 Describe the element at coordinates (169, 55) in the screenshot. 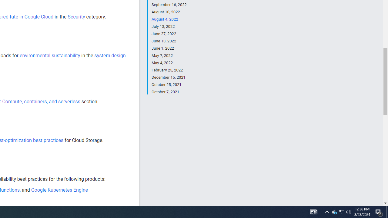

I see `'May 7, 2022'` at that location.